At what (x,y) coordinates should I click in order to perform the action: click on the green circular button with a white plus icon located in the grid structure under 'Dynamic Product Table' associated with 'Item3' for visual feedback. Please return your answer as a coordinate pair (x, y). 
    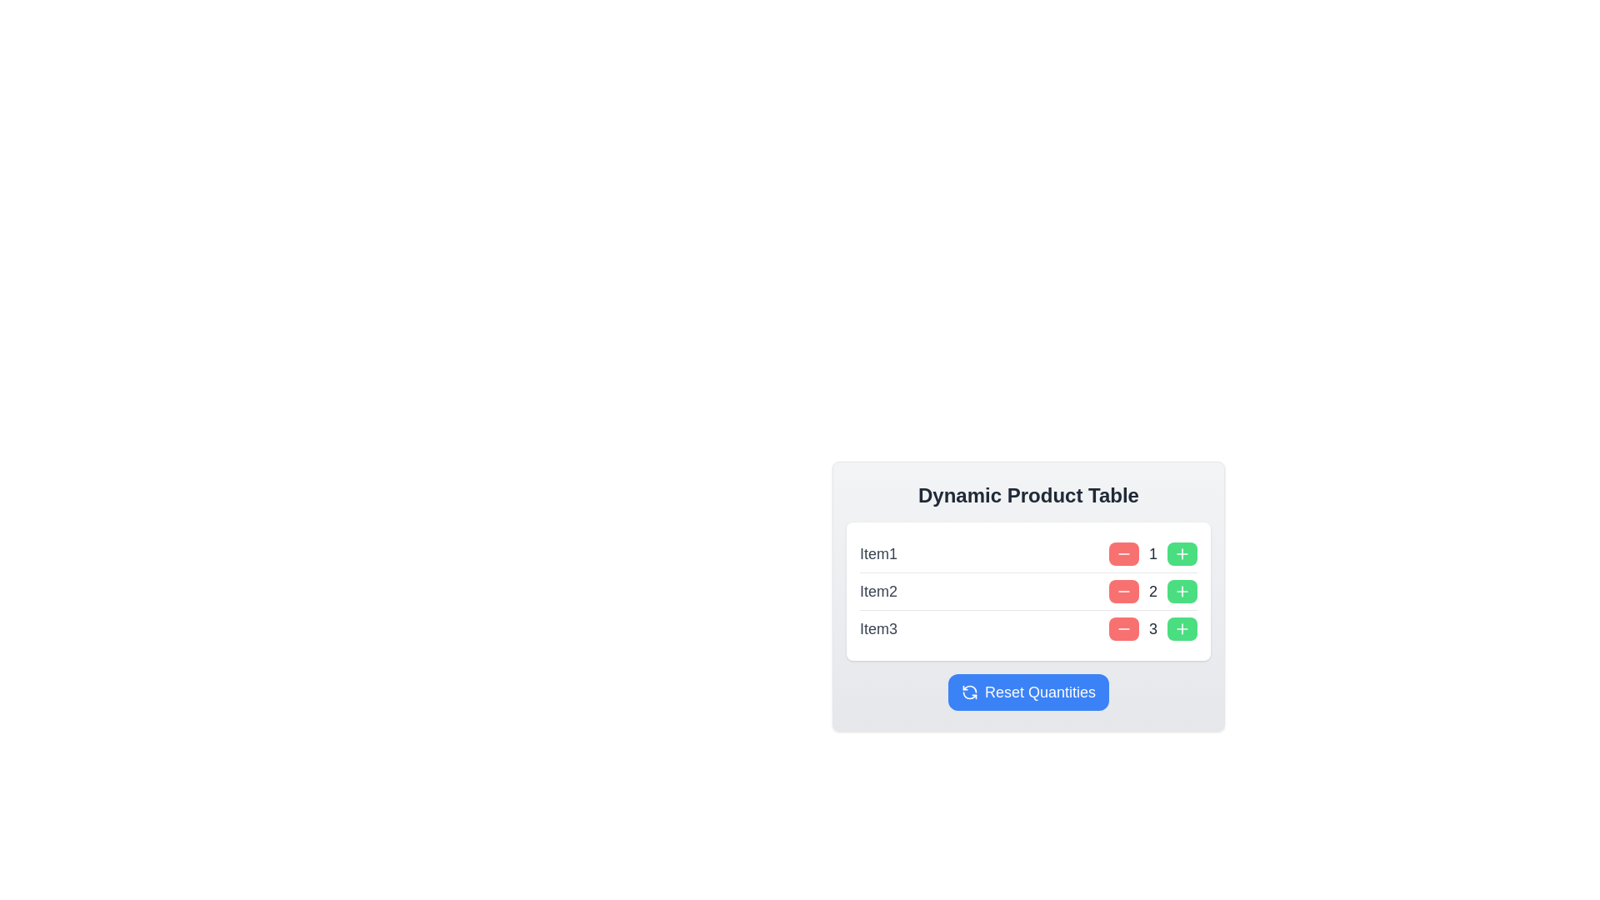
    Looking at the image, I should click on (1182, 629).